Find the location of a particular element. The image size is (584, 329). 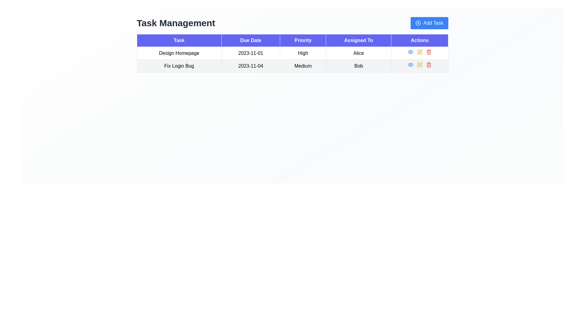

the yellow pencil icon representing the edit action, located in the Actions column of the second row of the table is located at coordinates (419, 51).